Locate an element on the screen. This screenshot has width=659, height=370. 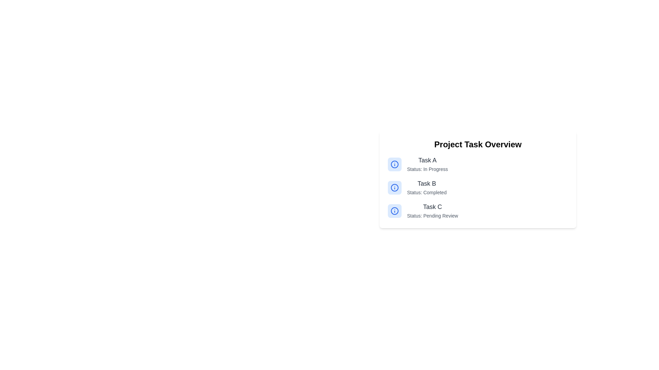
the small circular icon with a blue outline and a central dot located at the top of the vertical sequence of icons in the 'Project Task Overview' card is located at coordinates (395, 164).